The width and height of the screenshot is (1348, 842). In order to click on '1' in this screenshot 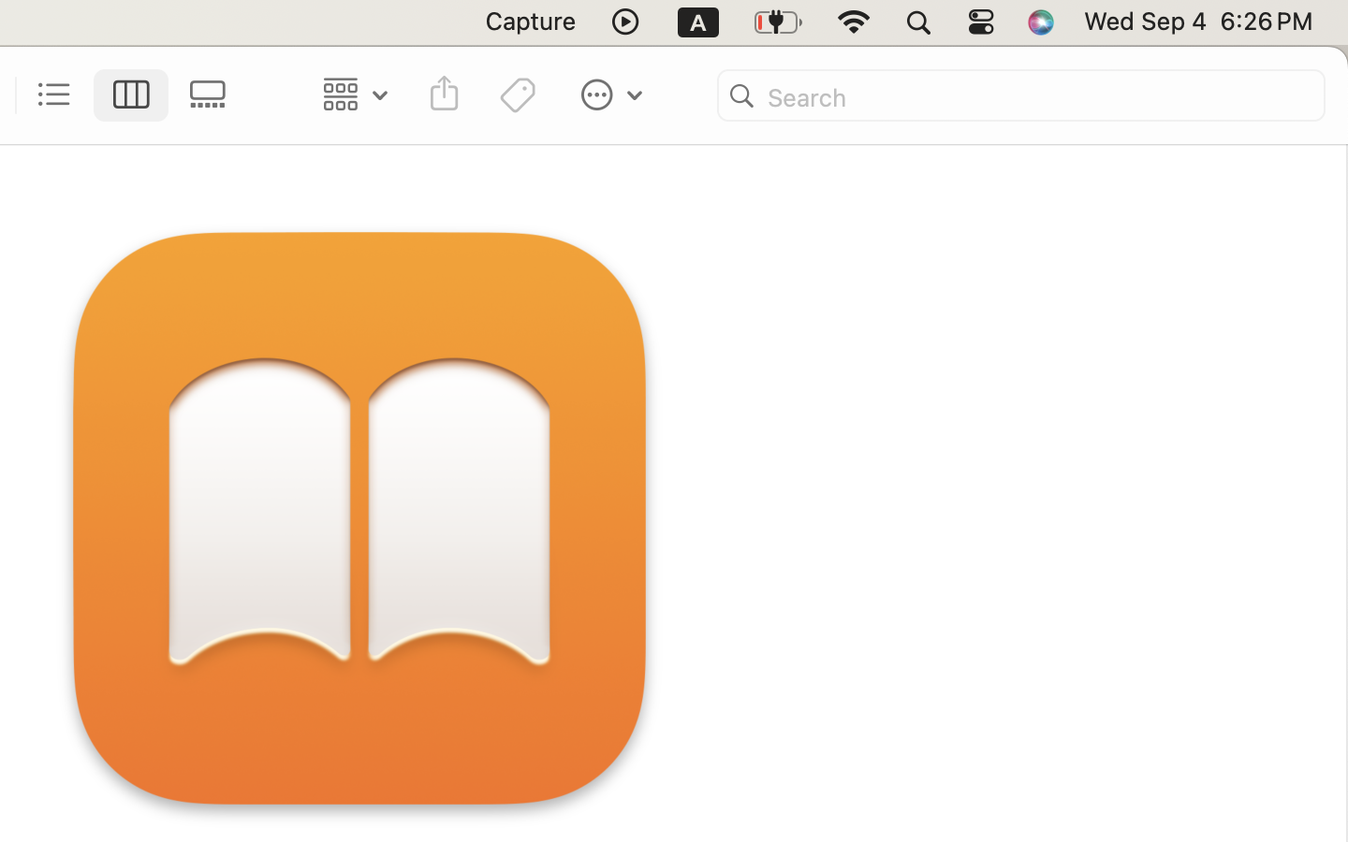, I will do `click(130, 94)`.